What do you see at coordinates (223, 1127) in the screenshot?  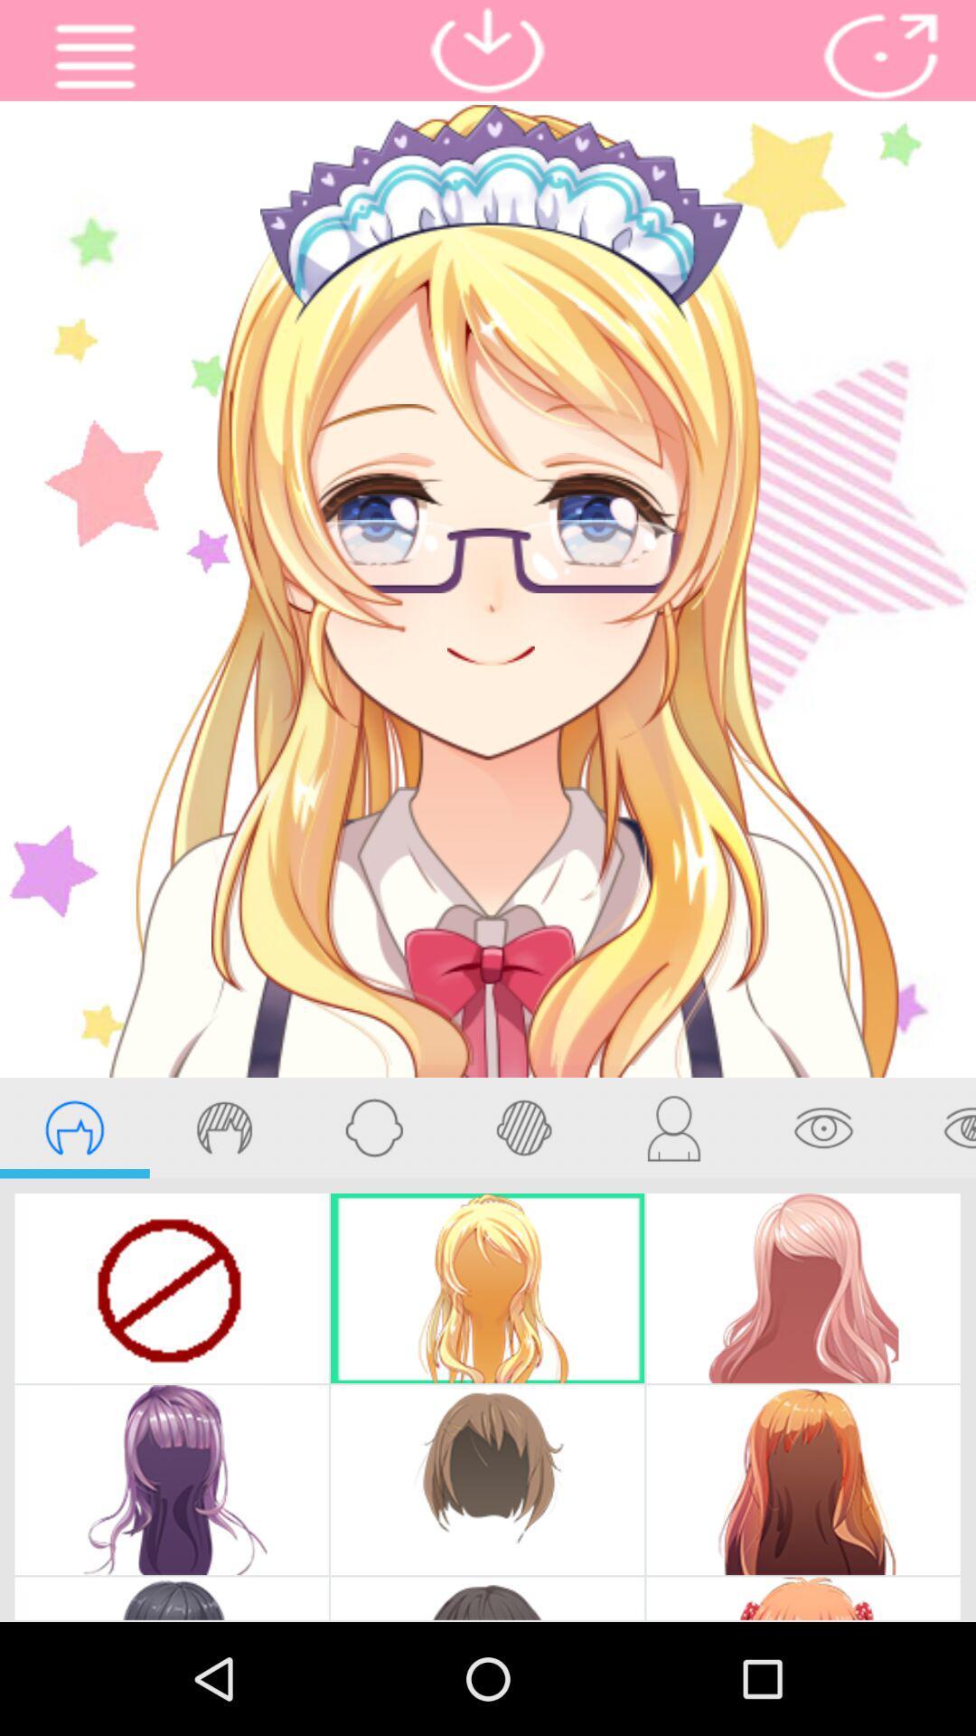 I see `hair color` at bounding box center [223, 1127].